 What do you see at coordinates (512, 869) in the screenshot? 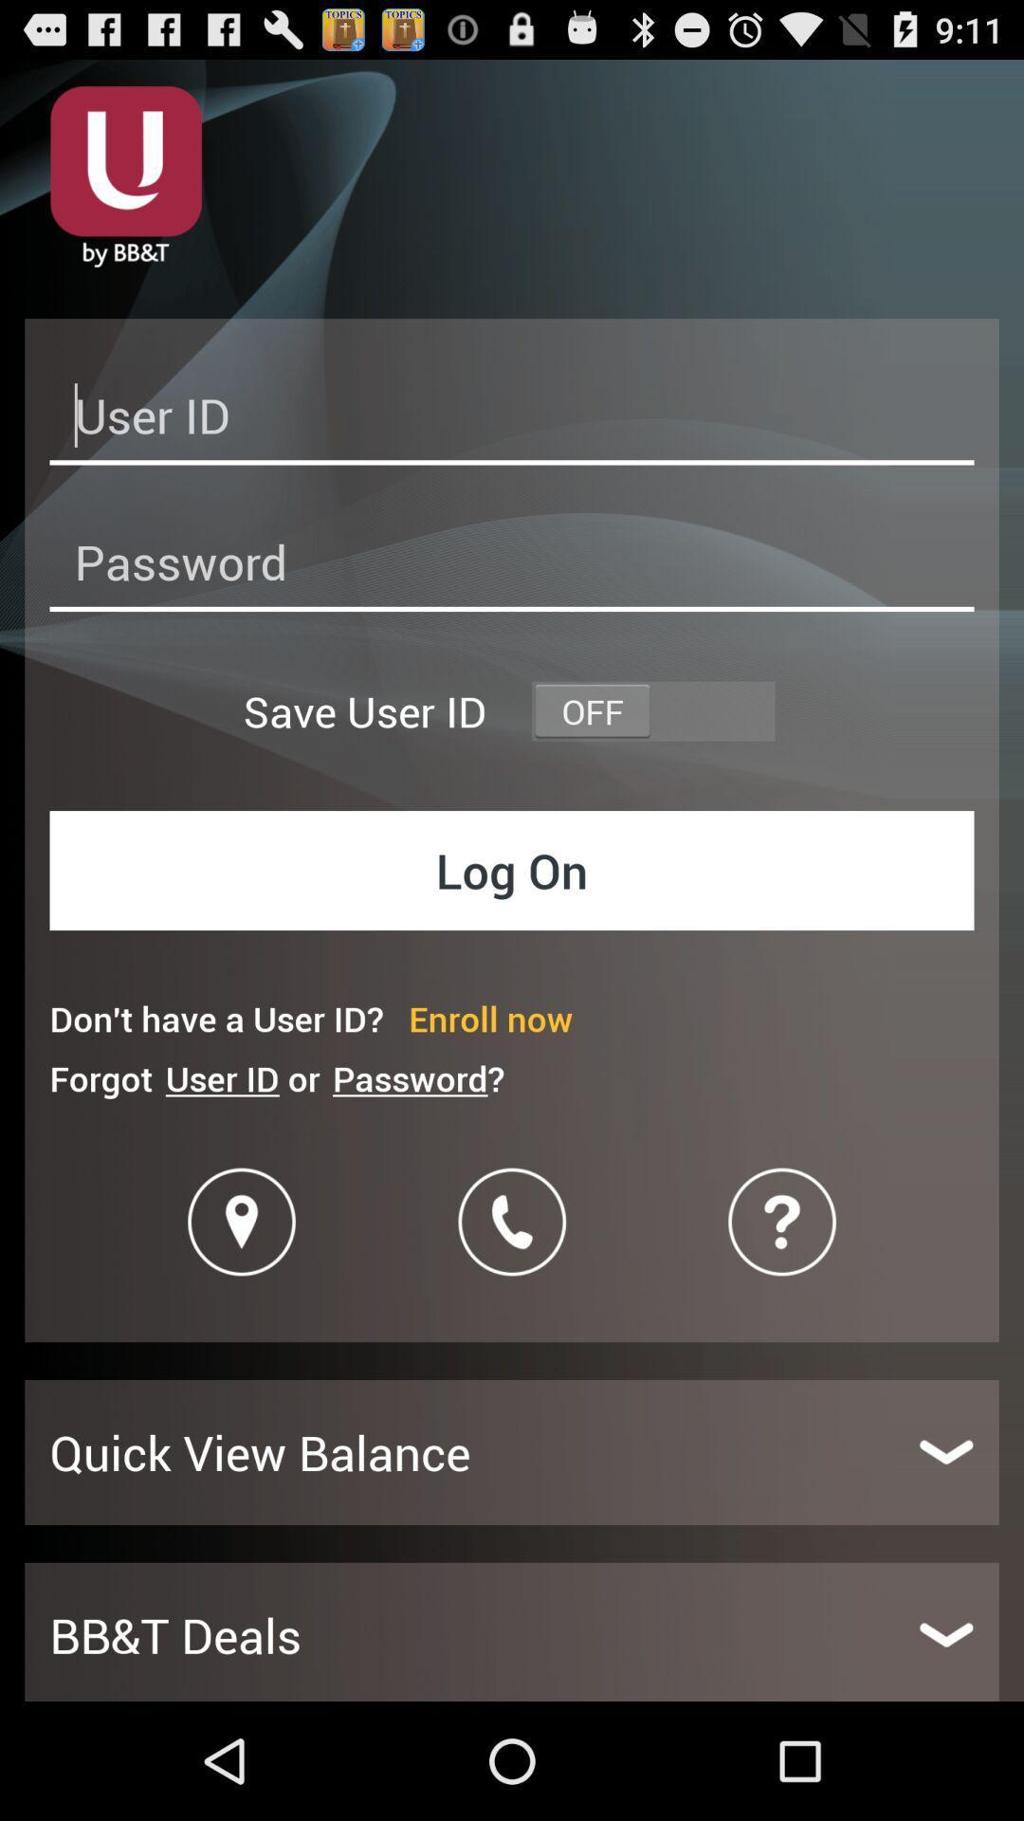
I see `the log on button` at bounding box center [512, 869].